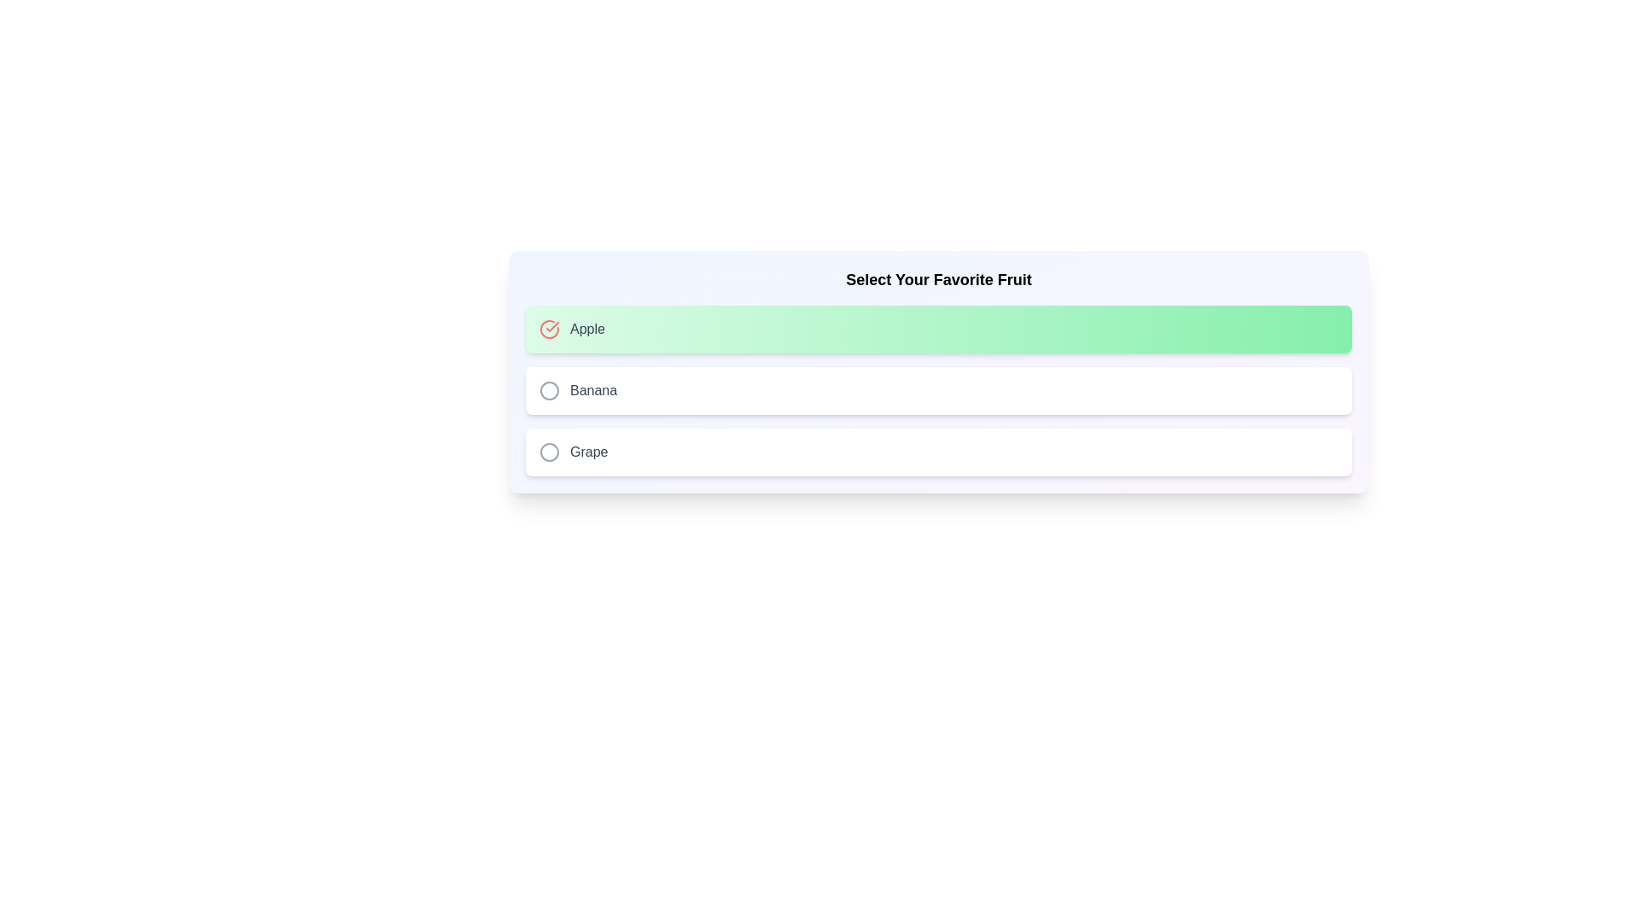 This screenshot has width=1639, height=922. What do you see at coordinates (937, 391) in the screenshot?
I see `the selectable option box representing 'Banana'` at bounding box center [937, 391].